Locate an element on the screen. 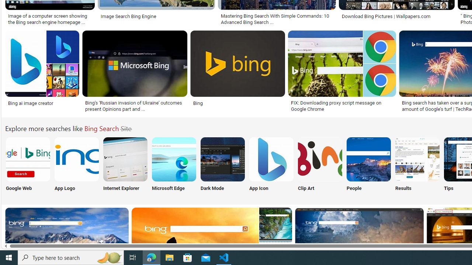  'Bing People Search People' is located at coordinates (368, 166).